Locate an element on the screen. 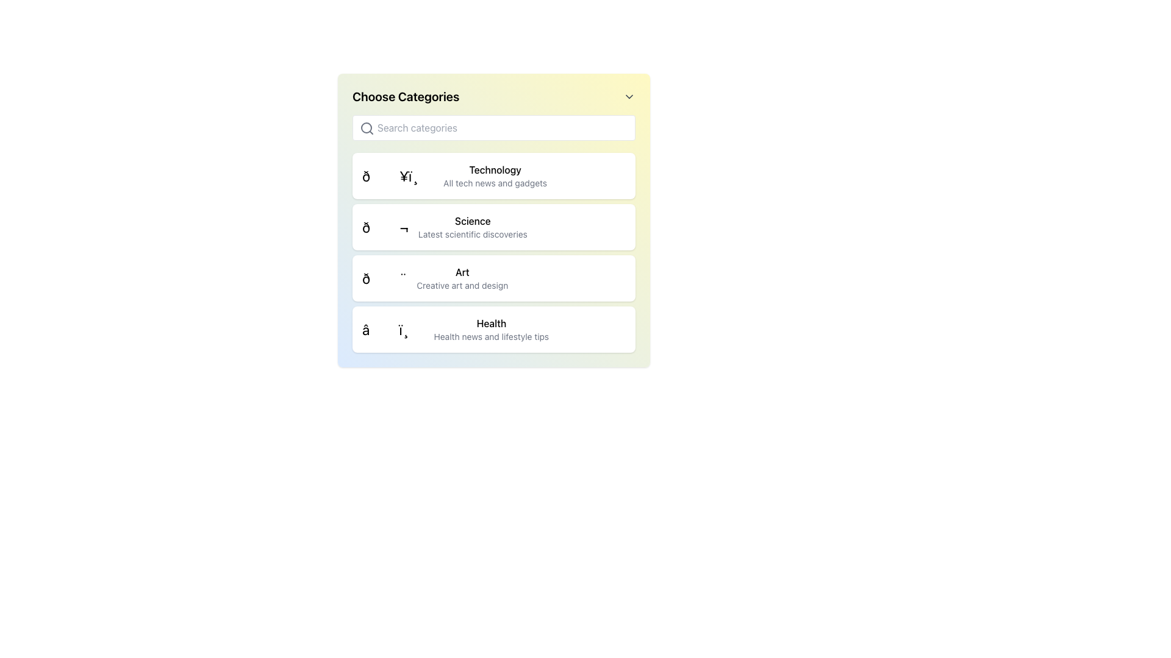 This screenshot has height=658, width=1171. the central circular part of the magnifying glass SVG icon located to the left of the 'Search categories' text in the 'Choose Categories' panel is located at coordinates (365, 127).